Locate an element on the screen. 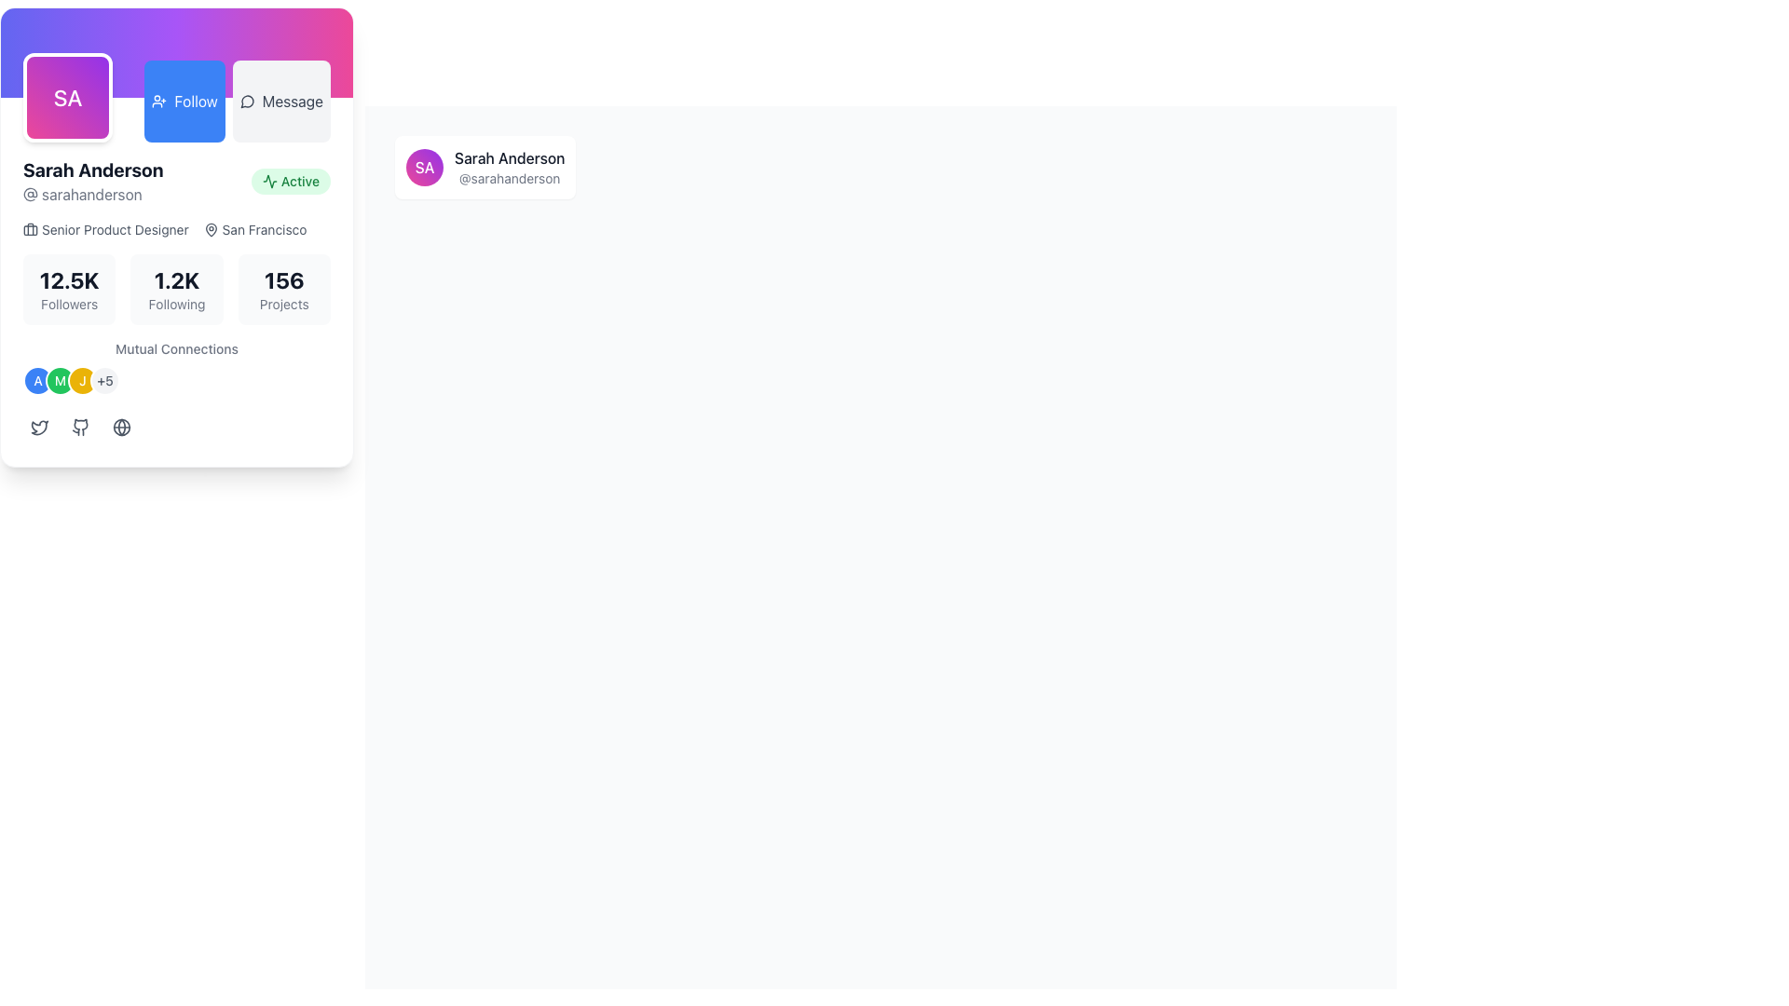 The height and width of the screenshot is (1006, 1789). the avatar element labeled 'M', which is the second circle in the row of four circles beneath the 'Mutual Connections' label in the user profile card is located at coordinates (61, 379).